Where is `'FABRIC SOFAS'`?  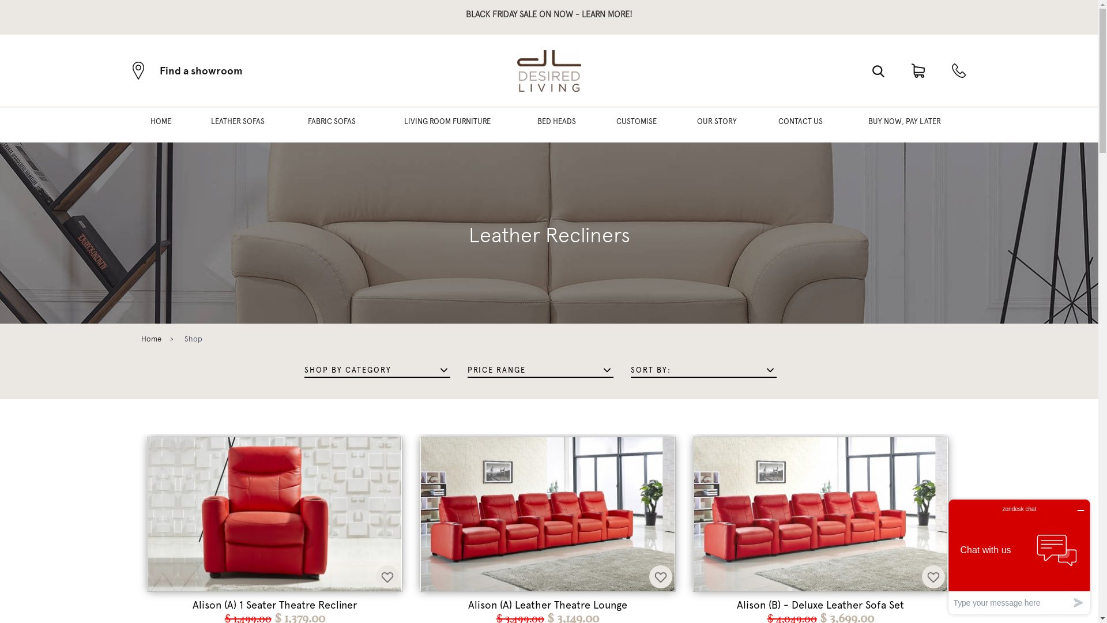 'FABRIC SOFAS' is located at coordinates (296, 125).